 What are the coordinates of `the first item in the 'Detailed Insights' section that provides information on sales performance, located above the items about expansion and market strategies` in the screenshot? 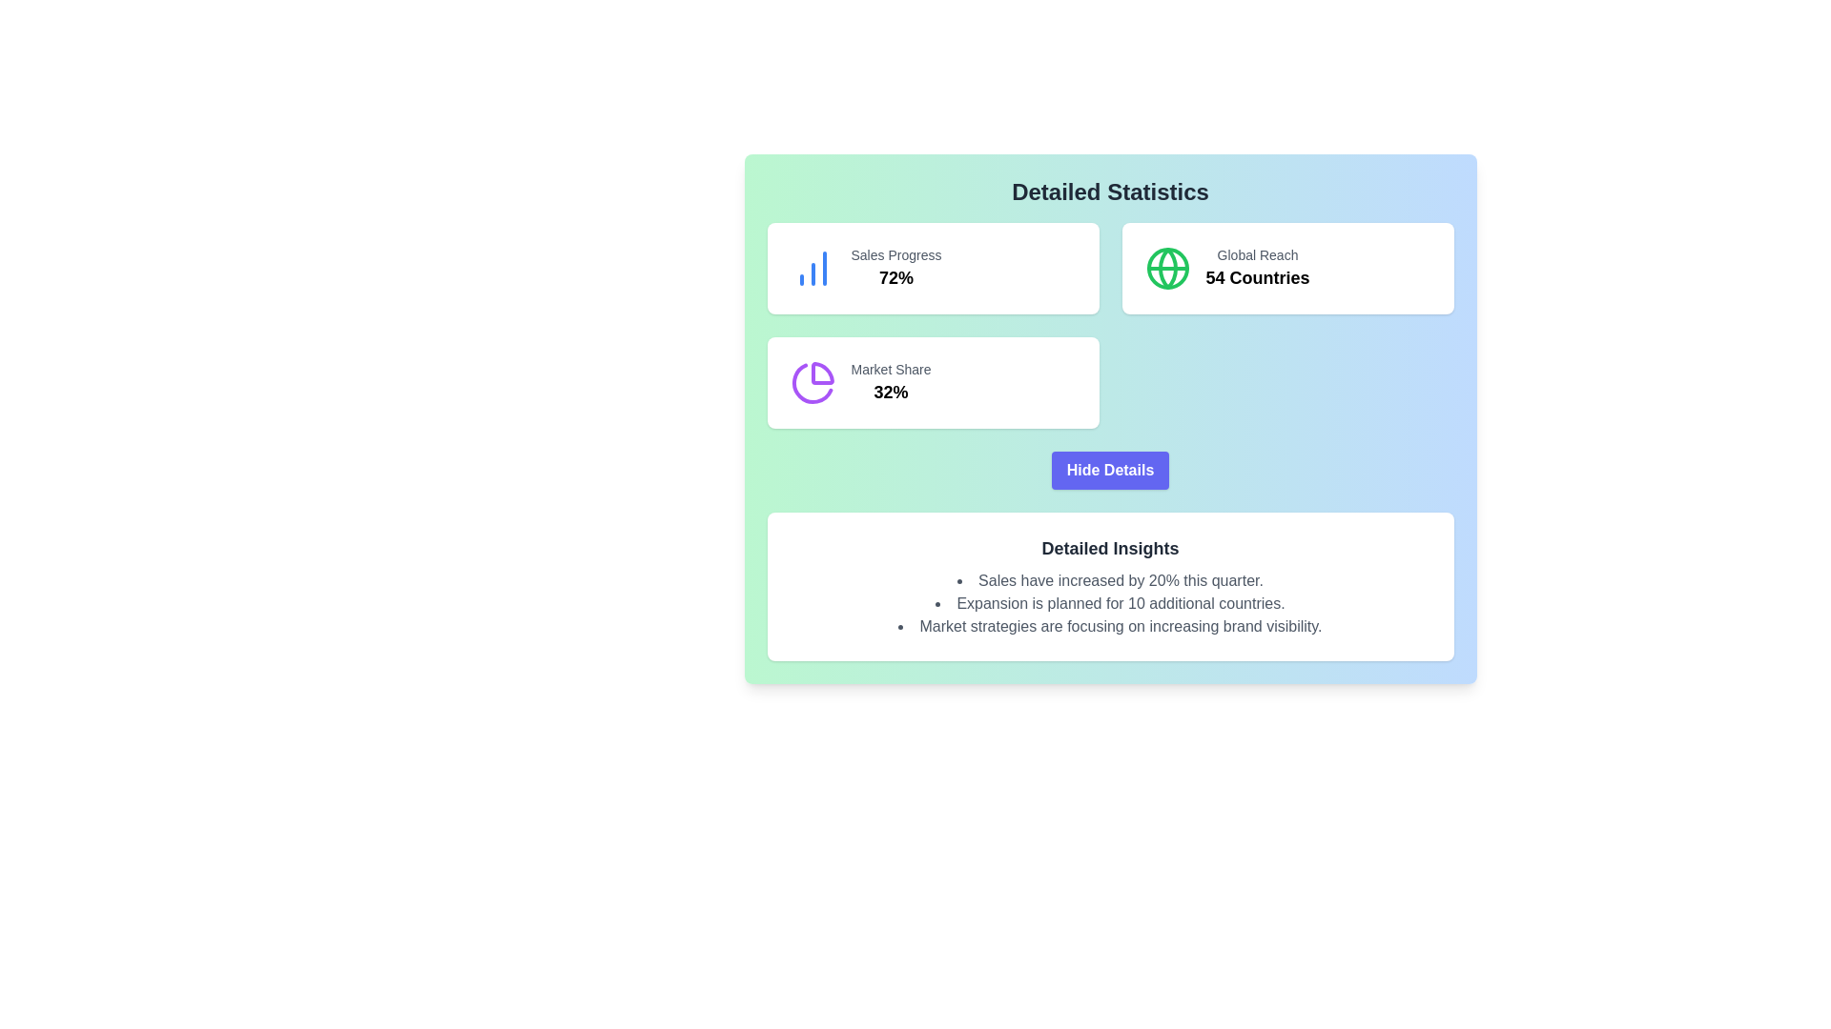 It's located at (1110, 579).